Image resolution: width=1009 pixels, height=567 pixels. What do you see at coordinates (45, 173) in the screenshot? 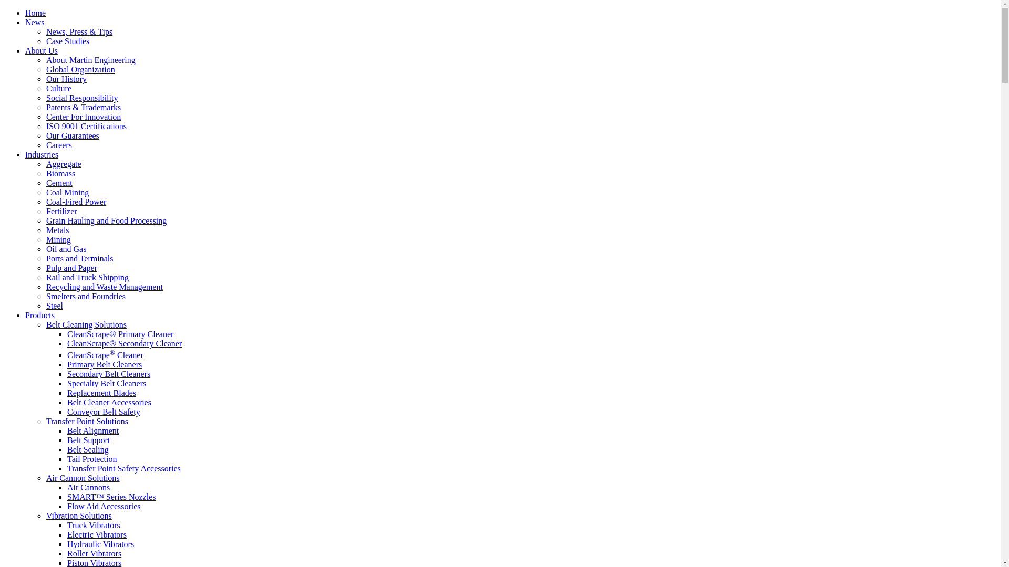
I see `'Biomass'` at bounding box center [45, 173].